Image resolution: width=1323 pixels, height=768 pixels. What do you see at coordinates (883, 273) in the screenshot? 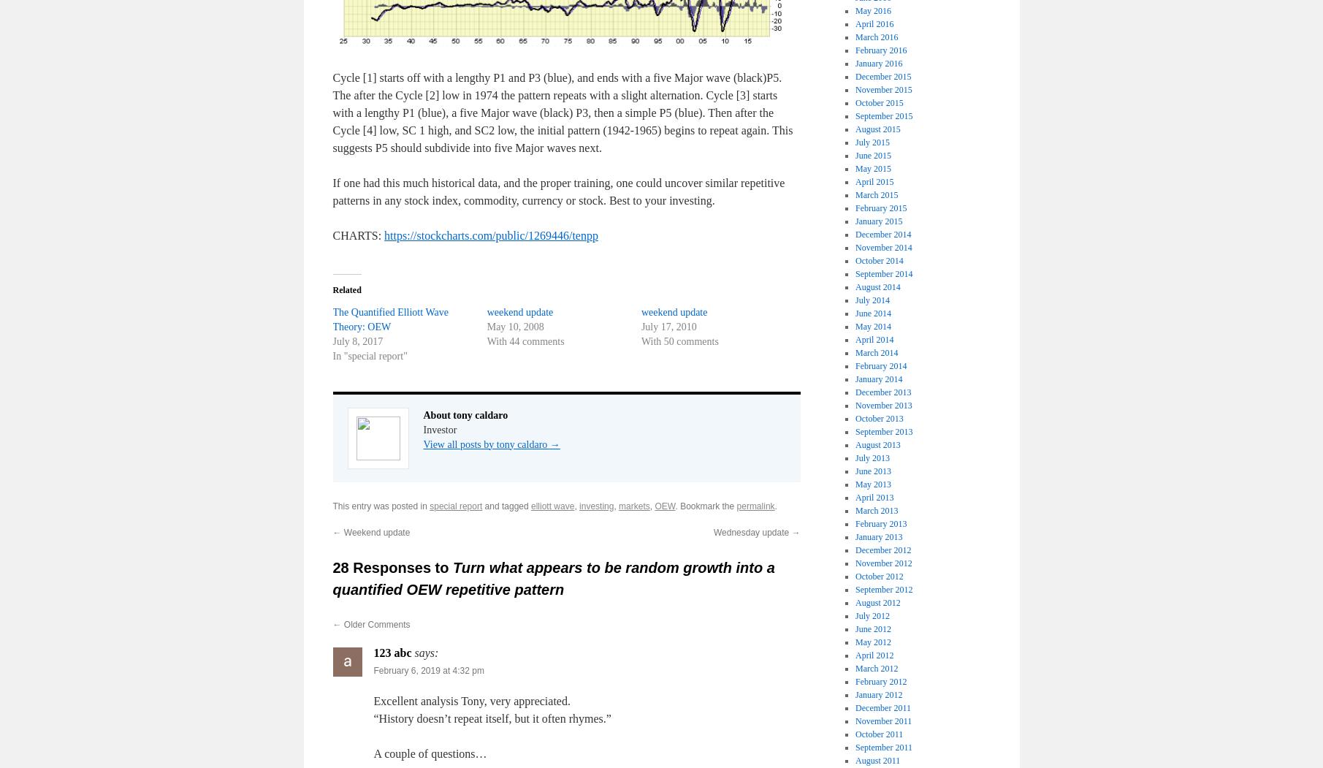
I see `'September 2014'` at bounding box center [883, 273].